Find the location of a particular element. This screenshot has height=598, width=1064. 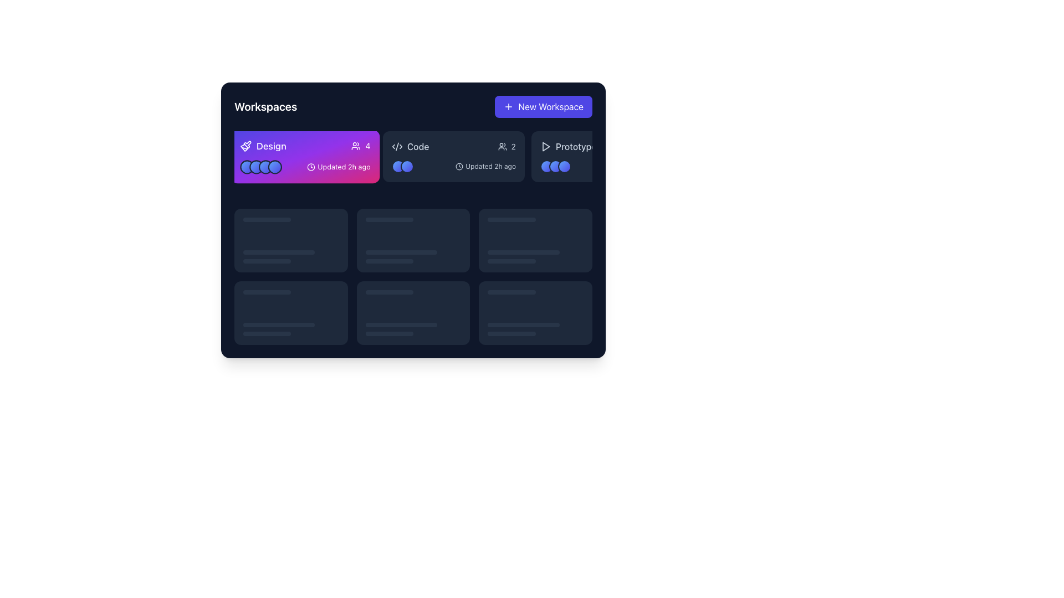

the animated placeholder consisting of two horizontal bars with a dark gray background that pulses, located in the bottom row of the center column is located at coordinates (412, 329).